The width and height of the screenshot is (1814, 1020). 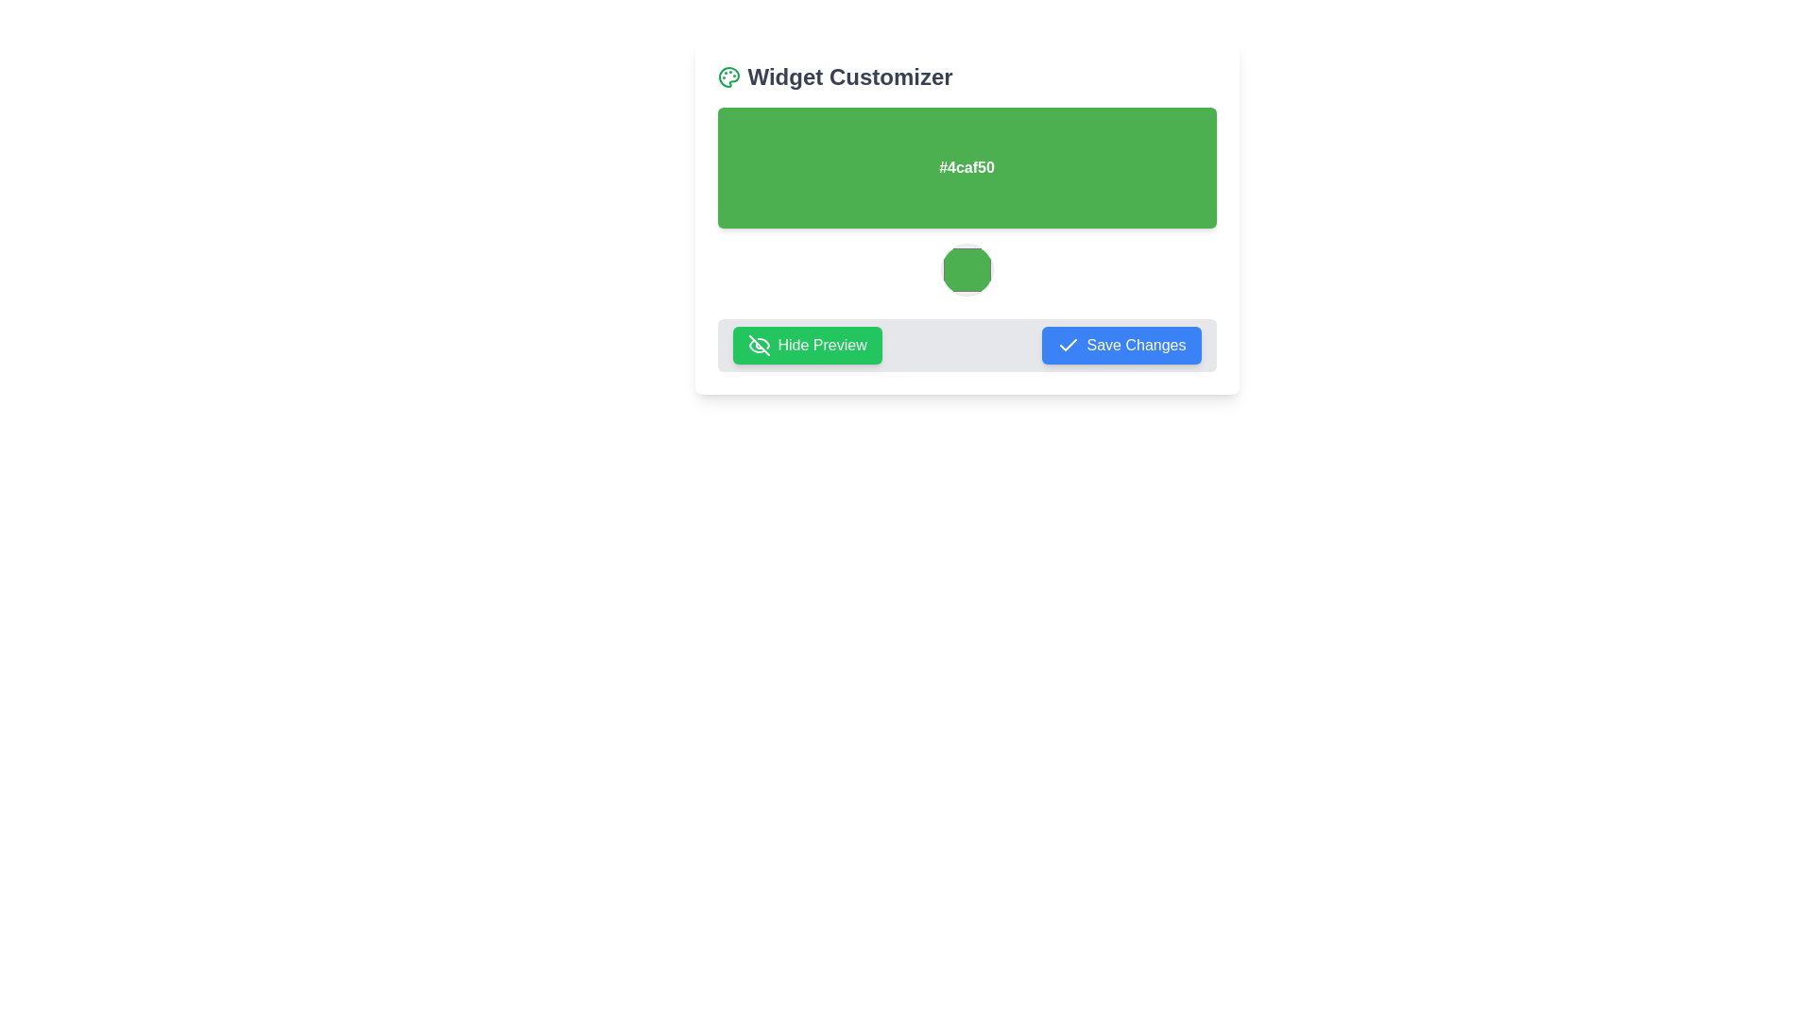 What do you see at coordinates (759, 346) in the screenshot?
I see `the 'Hide Preview' button which contains the eye icon with a slash across it` at bounding box center [759, 346].